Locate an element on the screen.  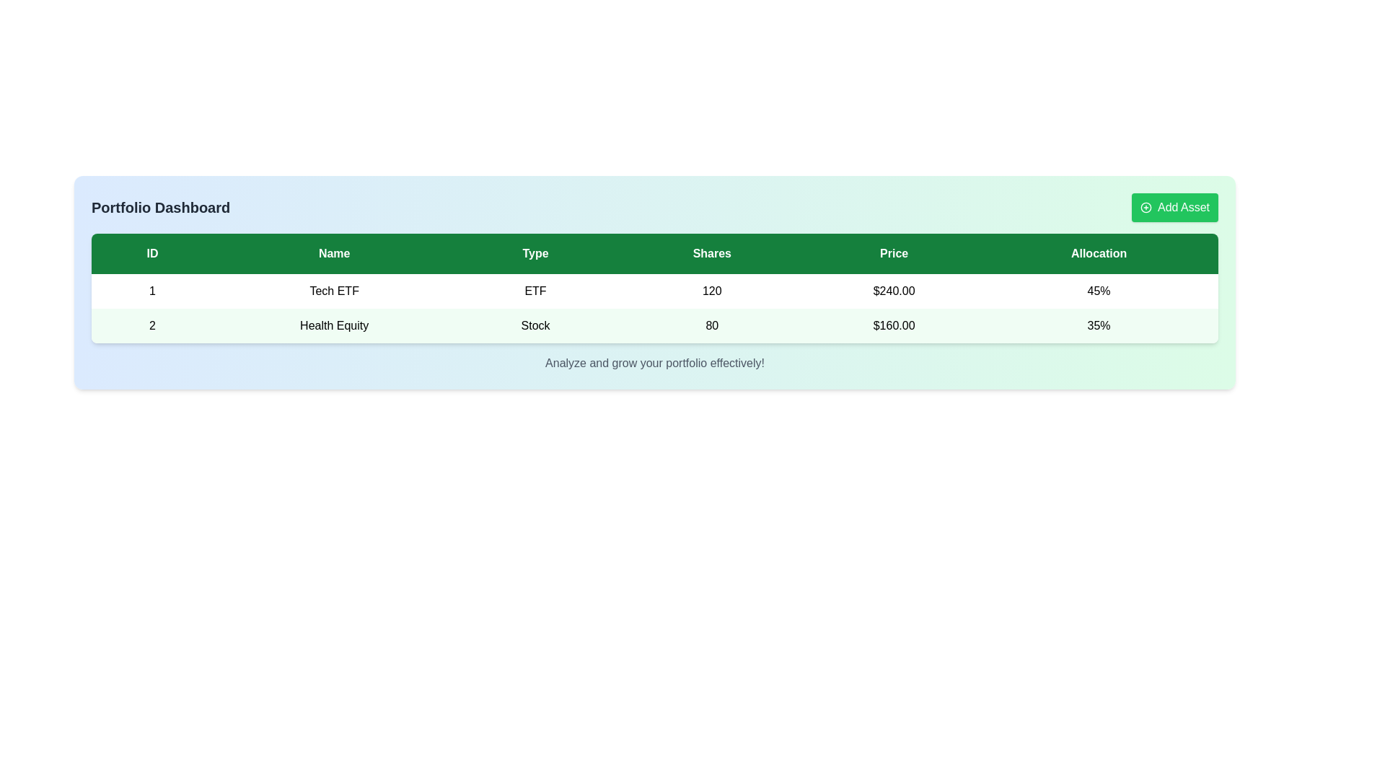
the 'Price' column header text label in the table, which is the fifth column header and is centrally aligned within its cell is located at coordinates (893, 252).